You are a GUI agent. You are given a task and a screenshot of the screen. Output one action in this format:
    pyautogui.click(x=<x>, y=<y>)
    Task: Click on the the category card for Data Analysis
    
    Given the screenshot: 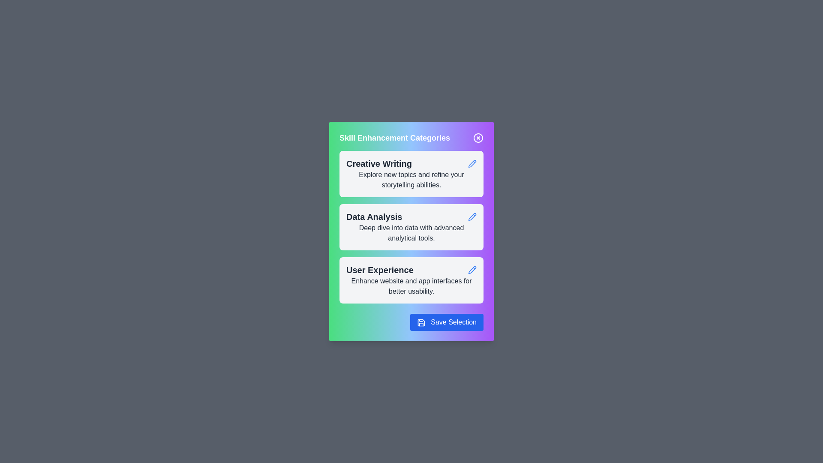 What is the action you would take?
    pyautogui.click(x=411, y=226)
    